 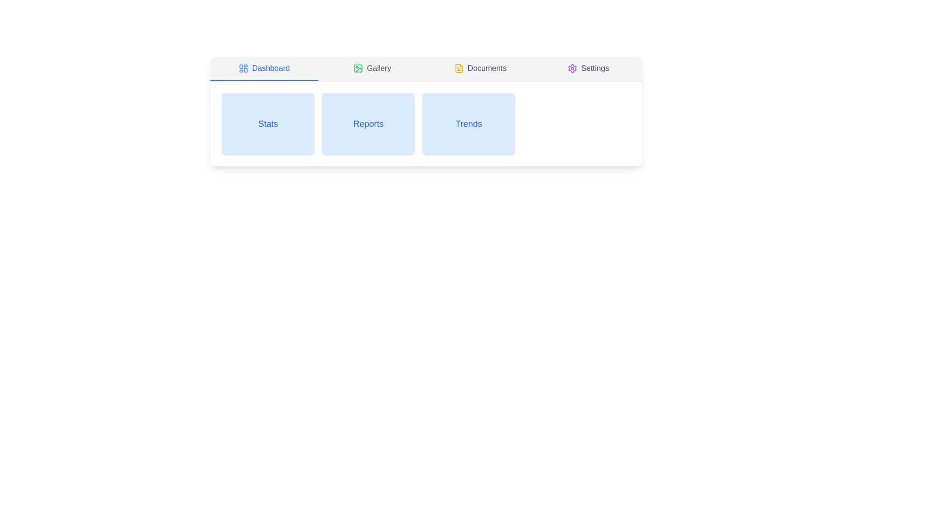 What do you see at coordinates (243, 68) in the screenshot?
I see `the blue SVG icon located to the left of the 'Dashboard' text in the navigation menu` at bounding box center [243, 68].